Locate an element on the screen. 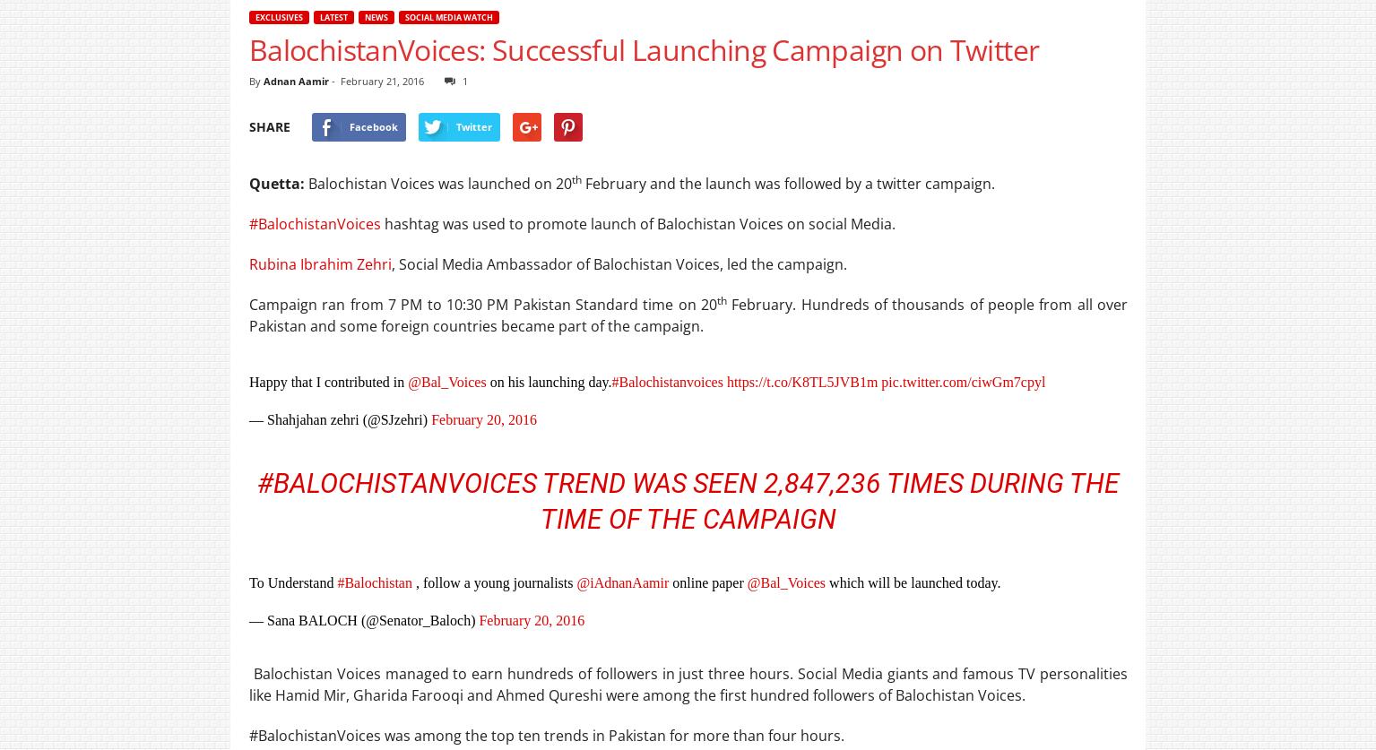 Image resolution: width=1376 pixels, height=750 pixels. '@iAdnanAamir' is located at coordinates (622, 582).